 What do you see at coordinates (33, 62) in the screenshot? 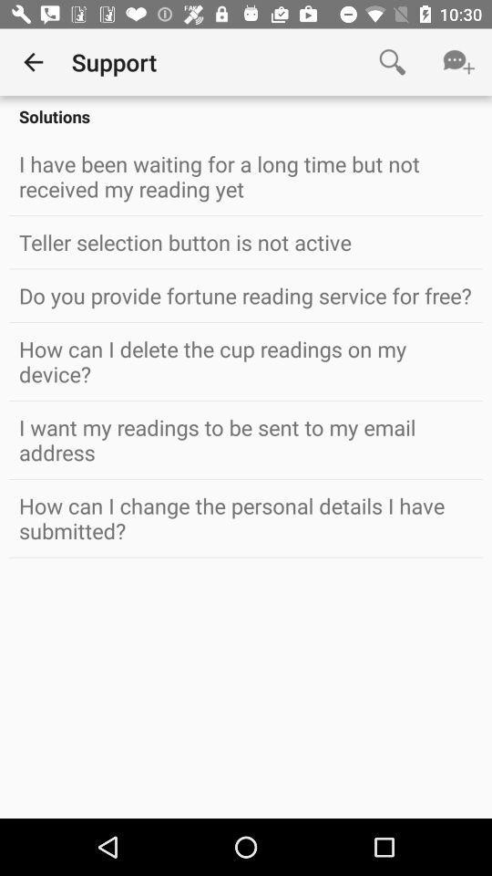
I see `icon above solutions item` at bounding box center [33, 62].